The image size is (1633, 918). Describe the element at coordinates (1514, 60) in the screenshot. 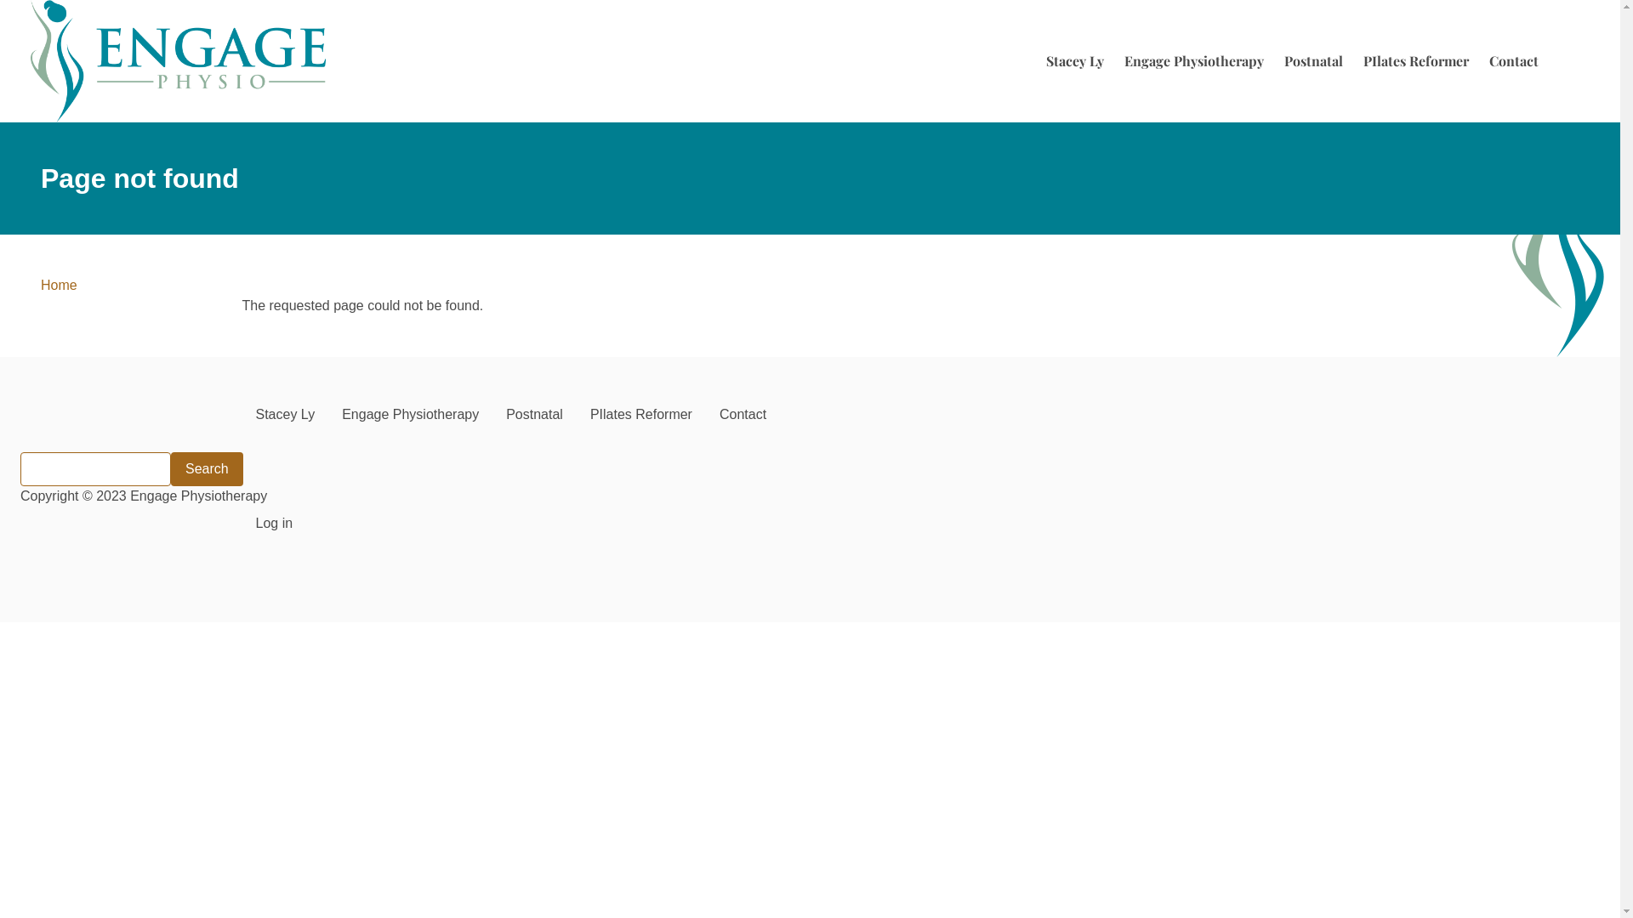

I see `'Contact'` at that location.